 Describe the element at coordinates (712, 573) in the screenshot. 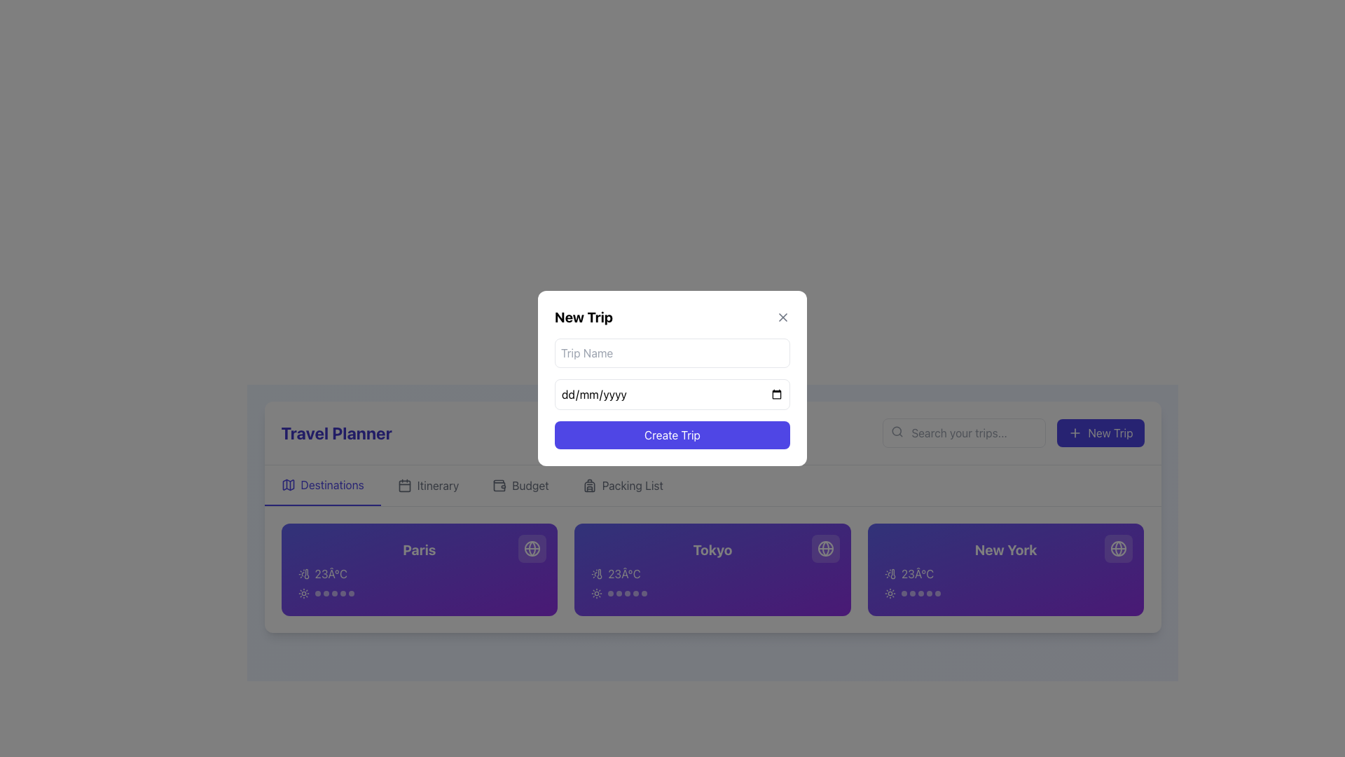

I see `the temperature display element for the 'Tokyo' location card, which shows the current temperature in degrees Celsius and is positioned at the top-left of the card above a series of dots` at that location.